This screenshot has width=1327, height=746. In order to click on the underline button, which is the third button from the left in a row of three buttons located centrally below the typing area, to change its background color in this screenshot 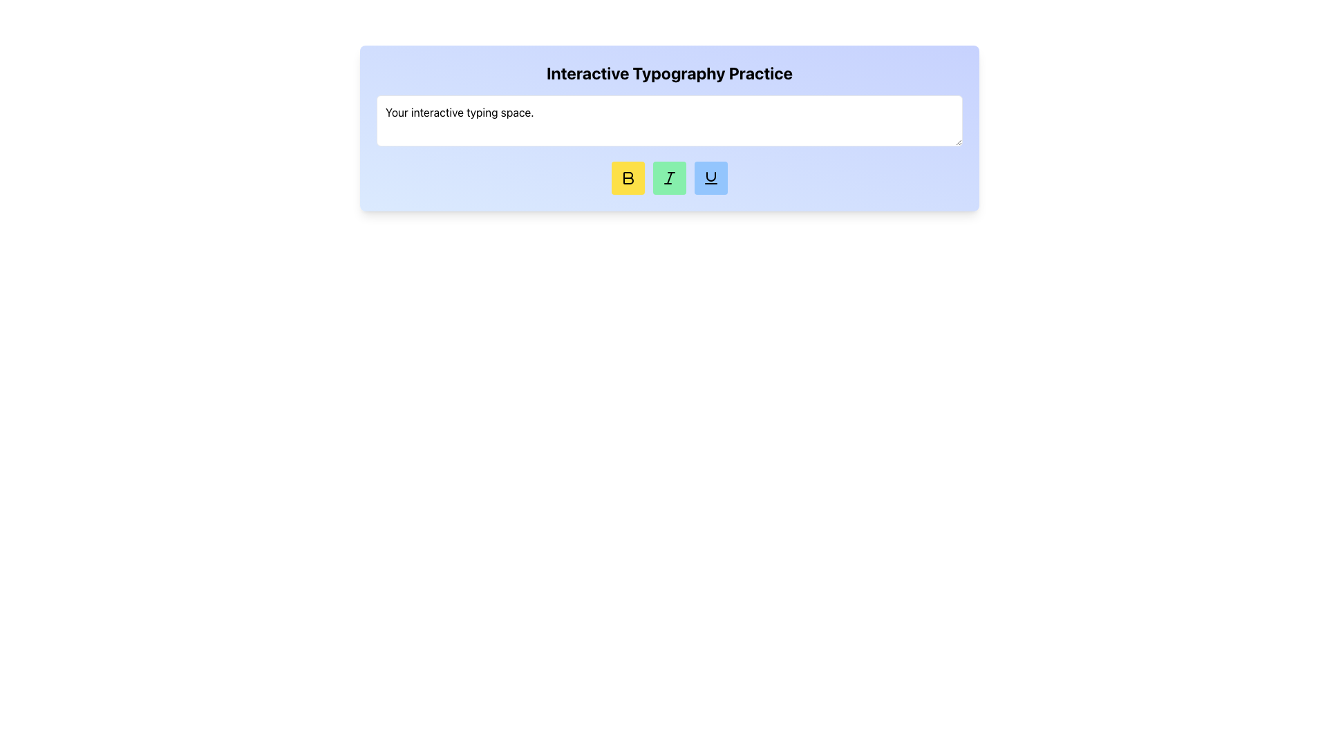, I will do `click(710, 178)`.